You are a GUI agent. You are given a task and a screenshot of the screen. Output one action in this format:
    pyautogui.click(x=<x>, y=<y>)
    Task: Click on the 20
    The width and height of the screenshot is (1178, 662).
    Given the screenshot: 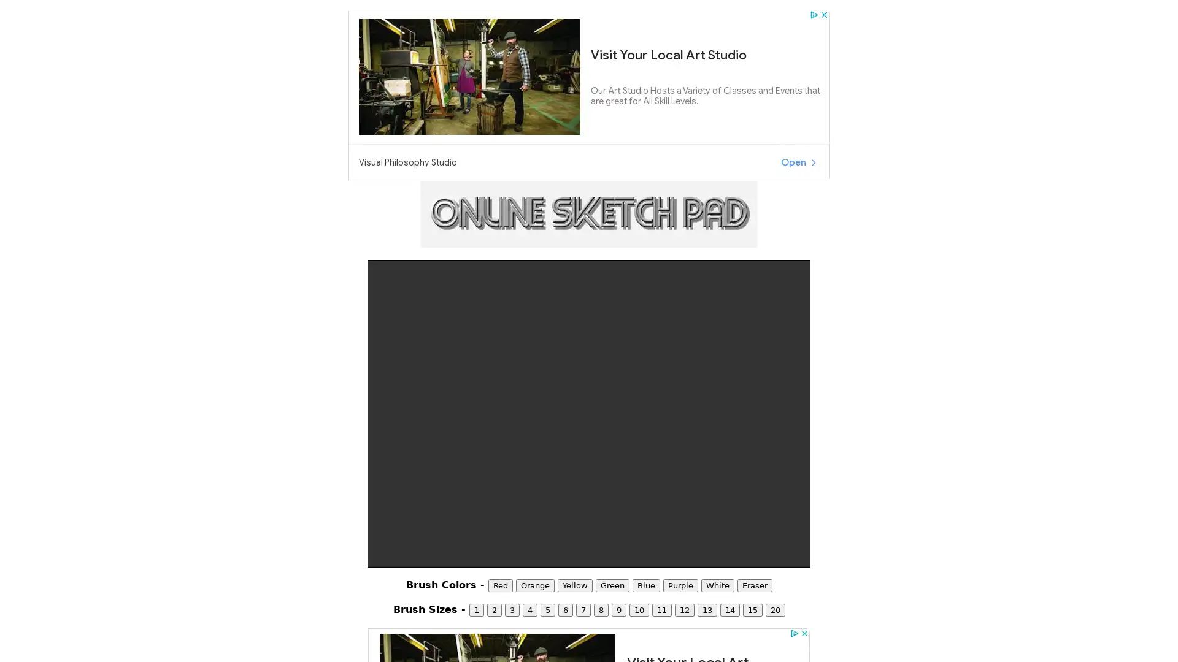 What is the action you would take?
    pyautogui.click(x=774, y=610)
    